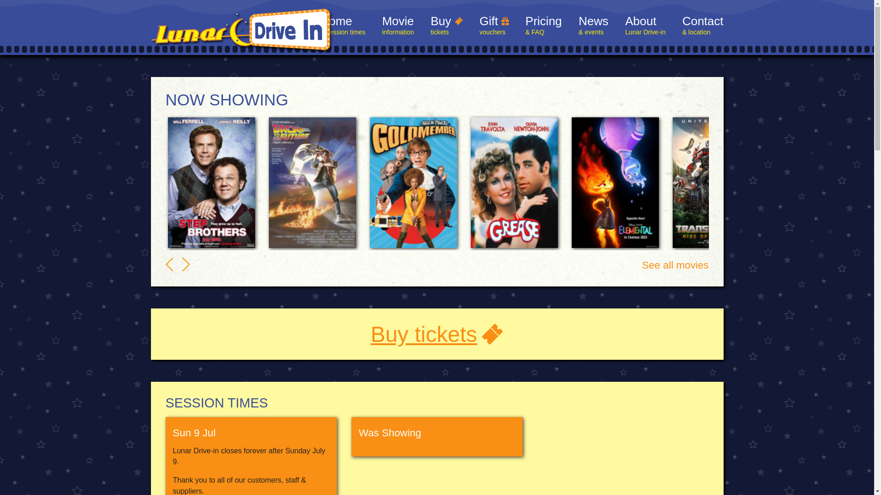 This screenshot has height=495, width=881. What do you see at coordinates (479, 26) in the screenshot?
I see `'Gift` at bounding box center [479, 26].